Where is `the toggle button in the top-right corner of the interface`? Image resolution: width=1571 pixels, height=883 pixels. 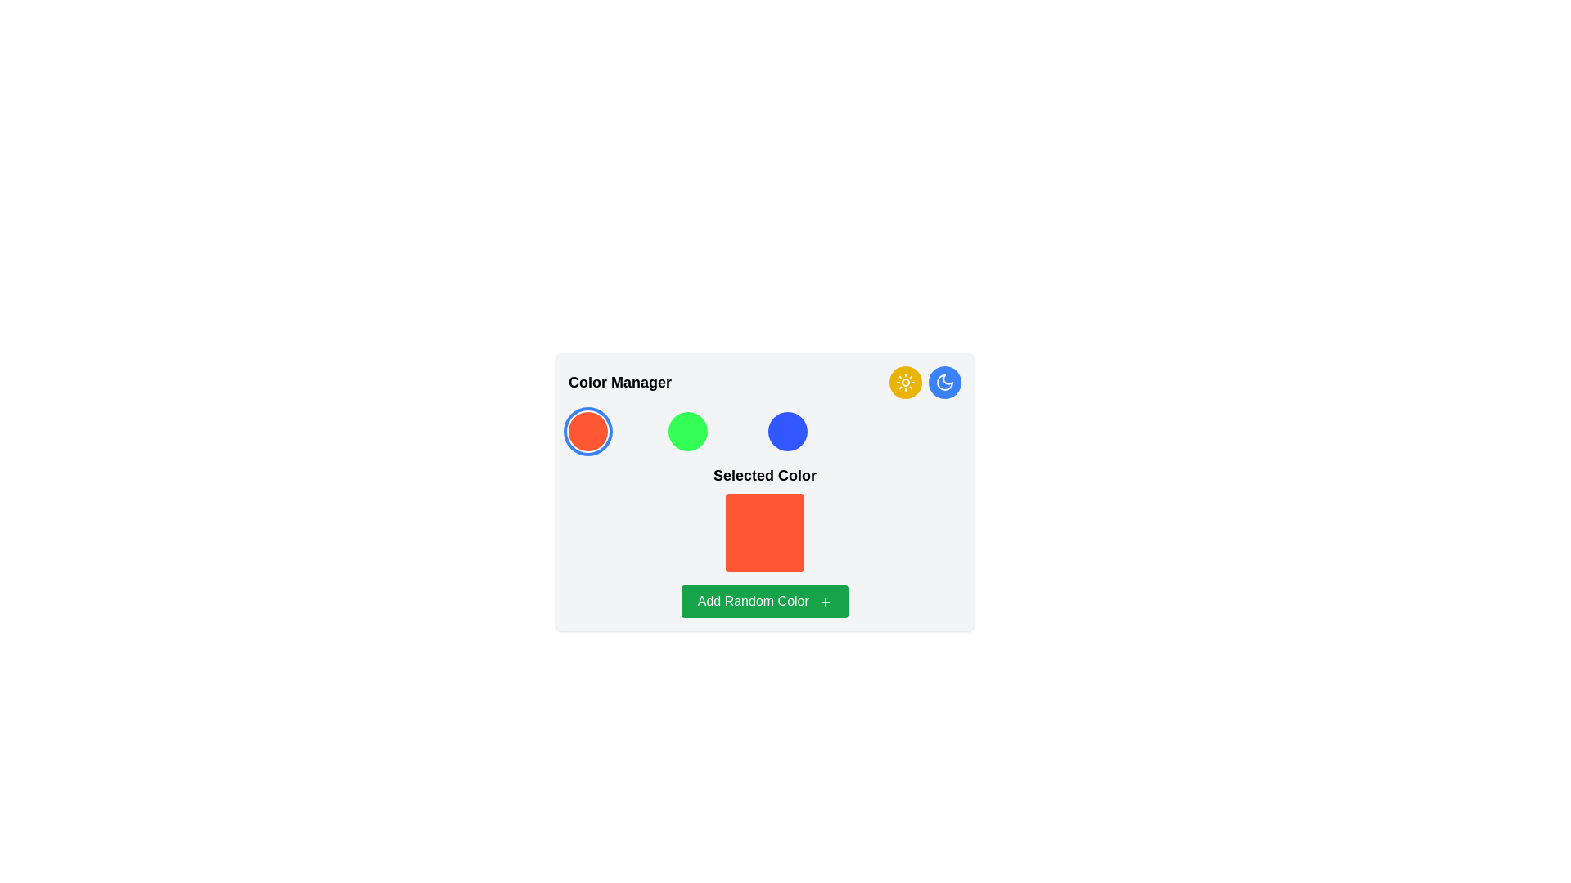 the toggle button in the top-right corner of the interface is located at coordinates (905, 382).